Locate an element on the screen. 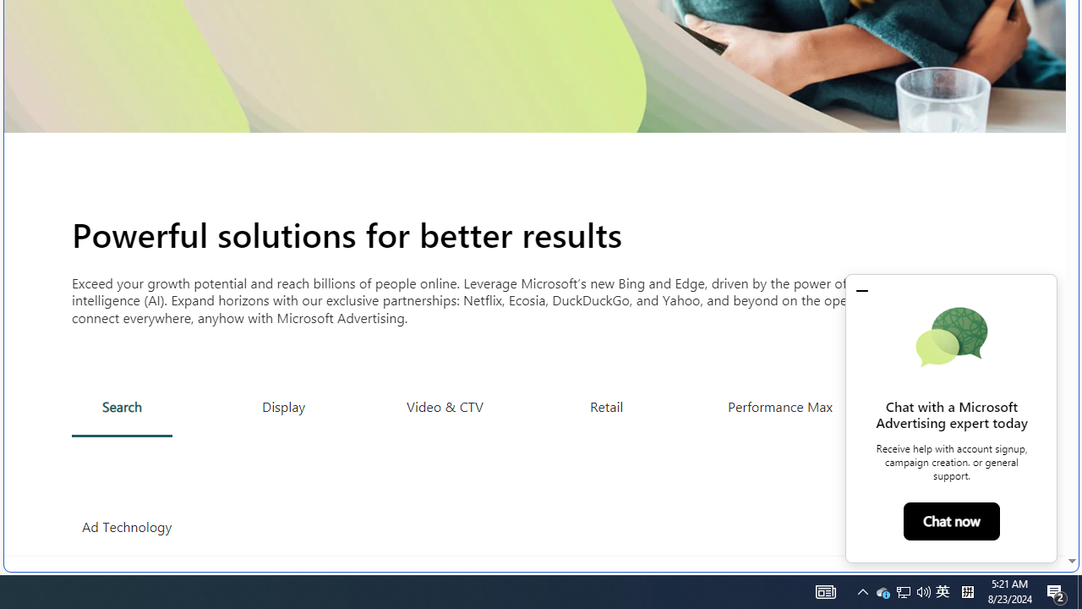  'Display' is located at coordinates (284, 406).